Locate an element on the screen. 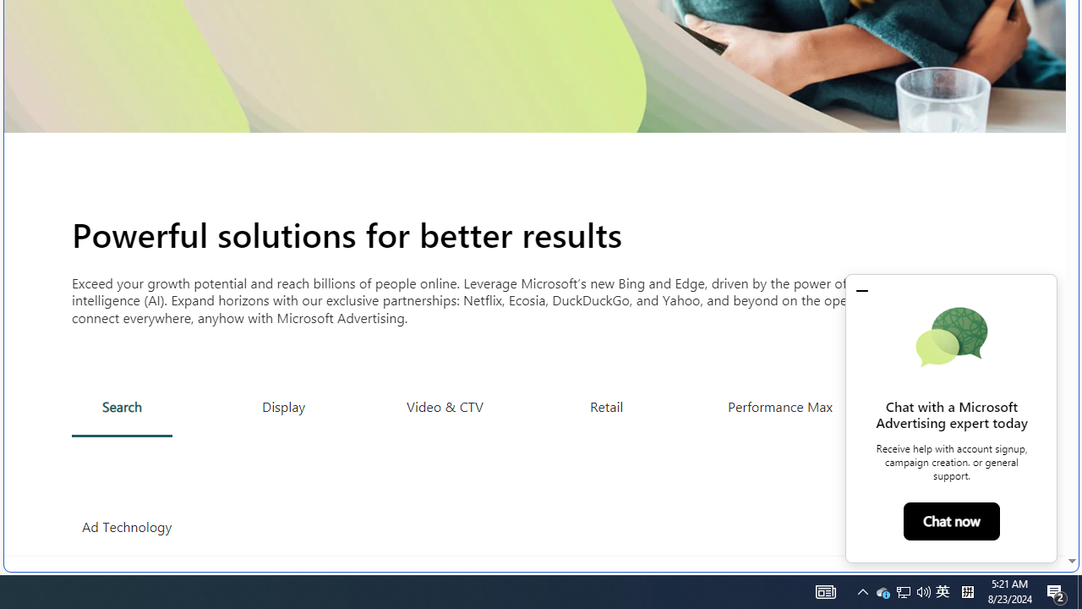  'Display' is located at coordinates (284, 406).